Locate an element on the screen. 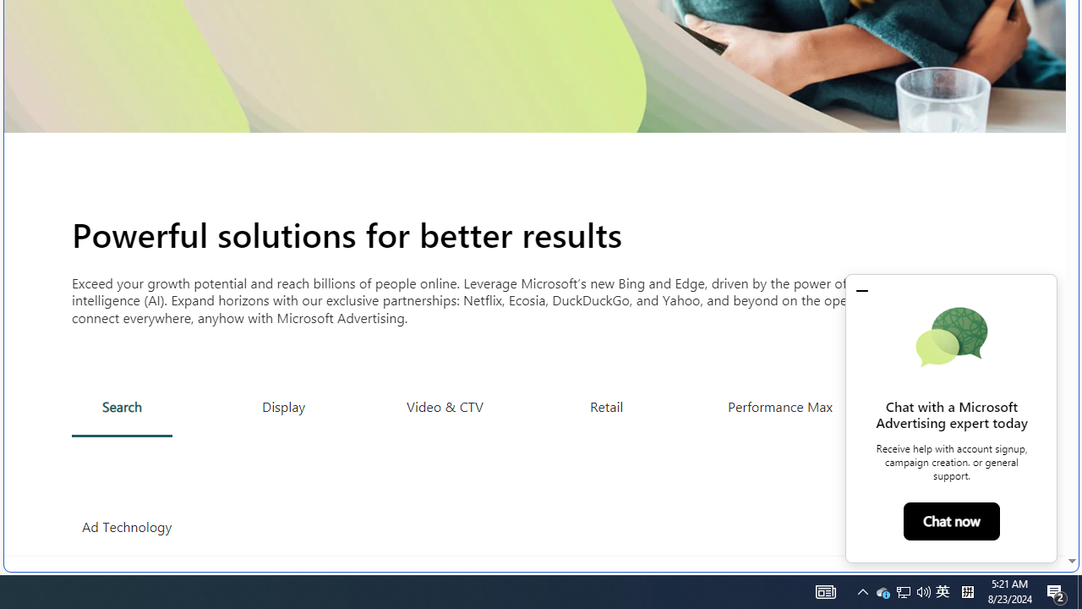  'Display' is located at coordinates (284, 406).